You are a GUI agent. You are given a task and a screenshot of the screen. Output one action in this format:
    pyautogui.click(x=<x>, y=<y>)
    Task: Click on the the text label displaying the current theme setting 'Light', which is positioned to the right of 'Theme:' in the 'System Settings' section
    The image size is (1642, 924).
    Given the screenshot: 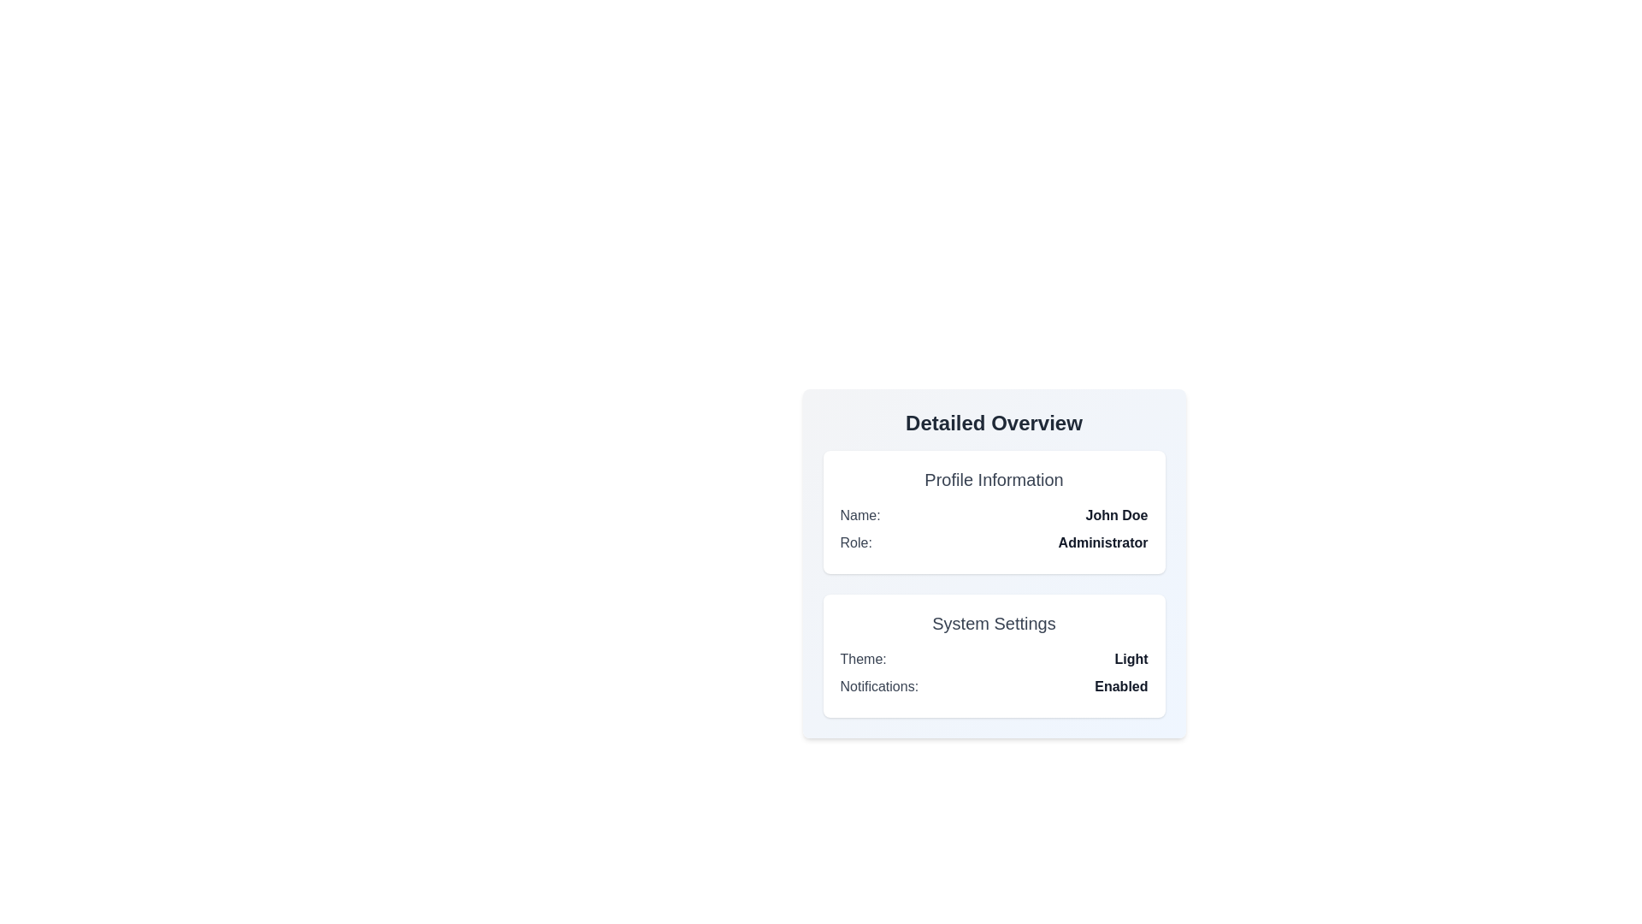 What is the action you would take?
    pyautogui.click(x=1131, y=659)
    